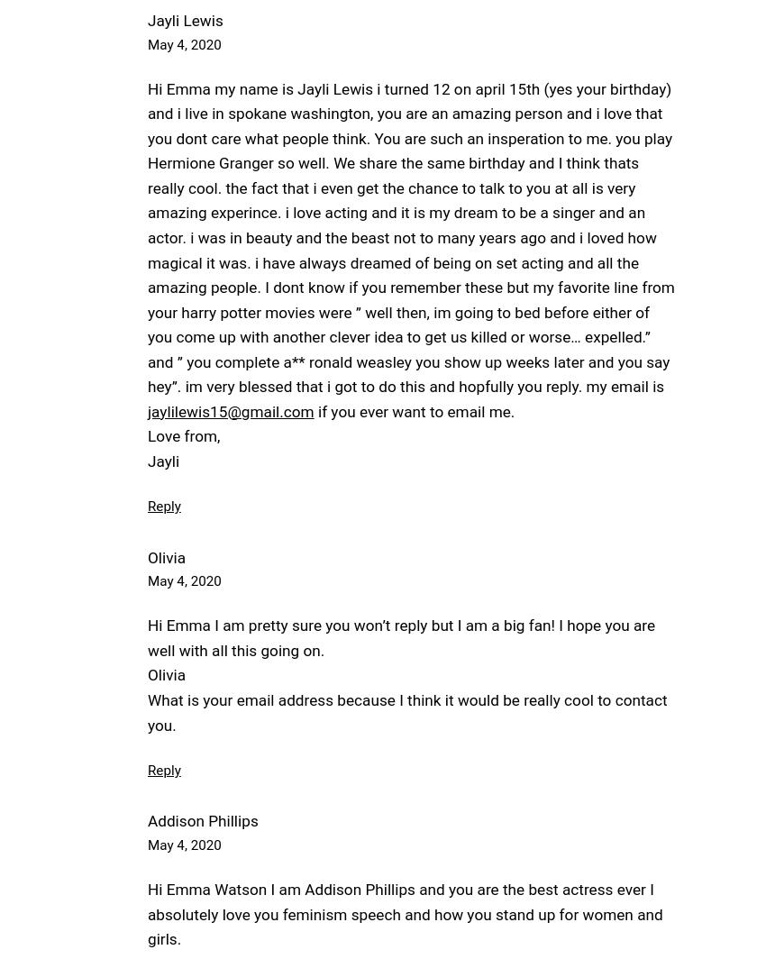 The height and width of the screenshot is (968, 766). What do you see at coordinates (413, 410) in the screenshot?
I see `'if you ever want to email me.'` at bounding box center [413, 410].